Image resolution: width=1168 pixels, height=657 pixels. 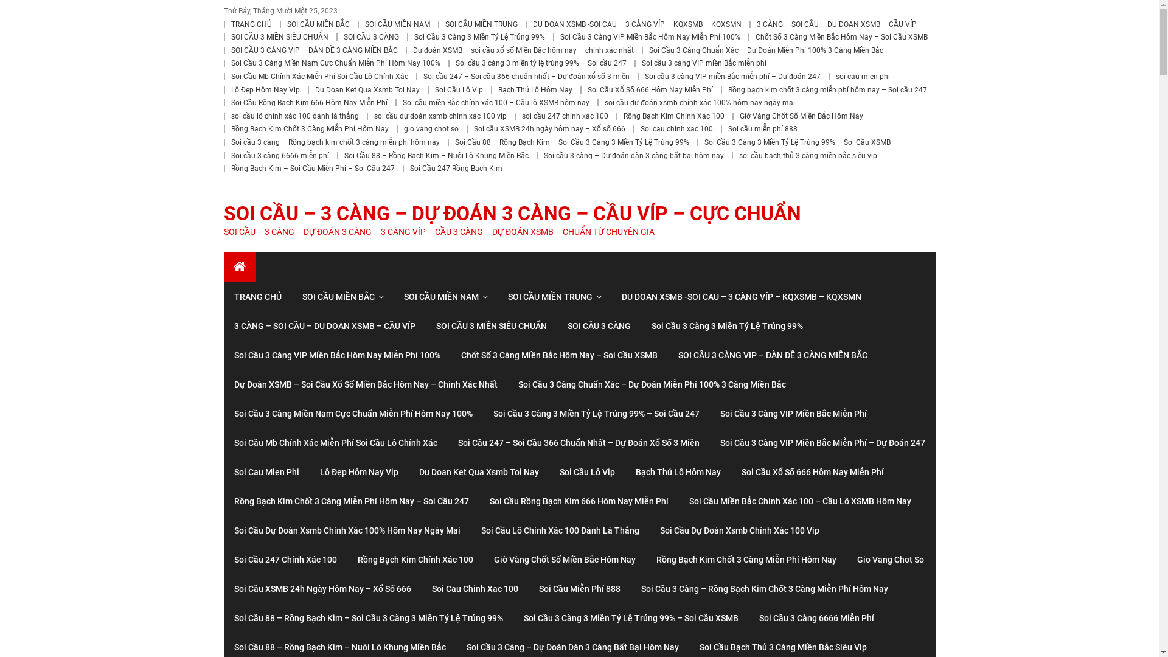 I want to click on 'Du Doan Ket Qua Xsmb Toi Nay', so click(x=367, y=89).